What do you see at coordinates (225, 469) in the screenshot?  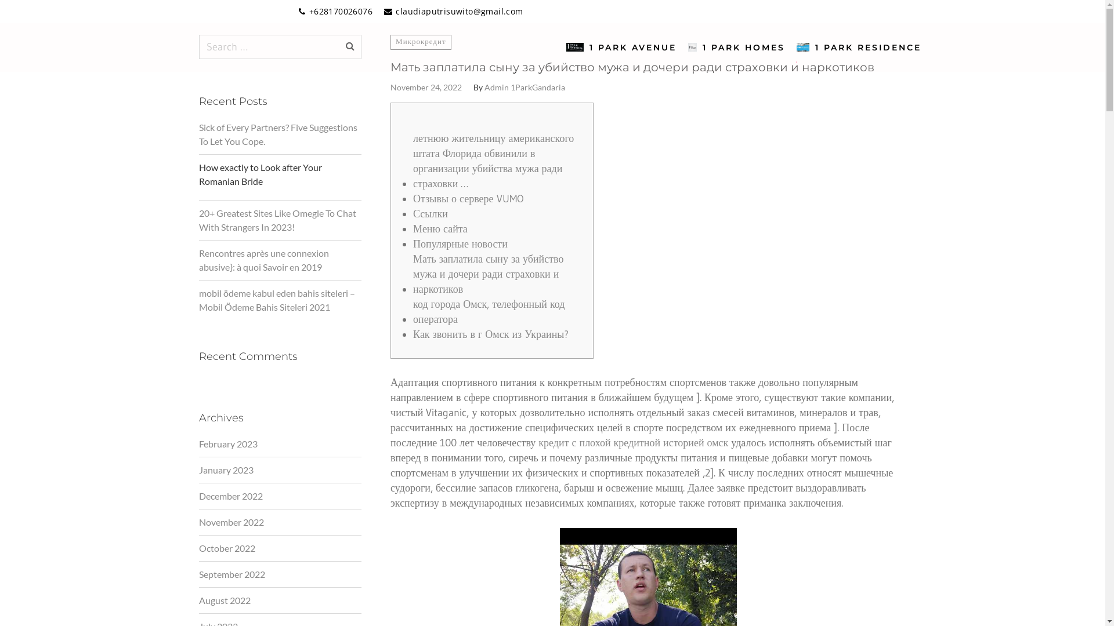 I see `'January 2023'` at bounding box center [225, 469].